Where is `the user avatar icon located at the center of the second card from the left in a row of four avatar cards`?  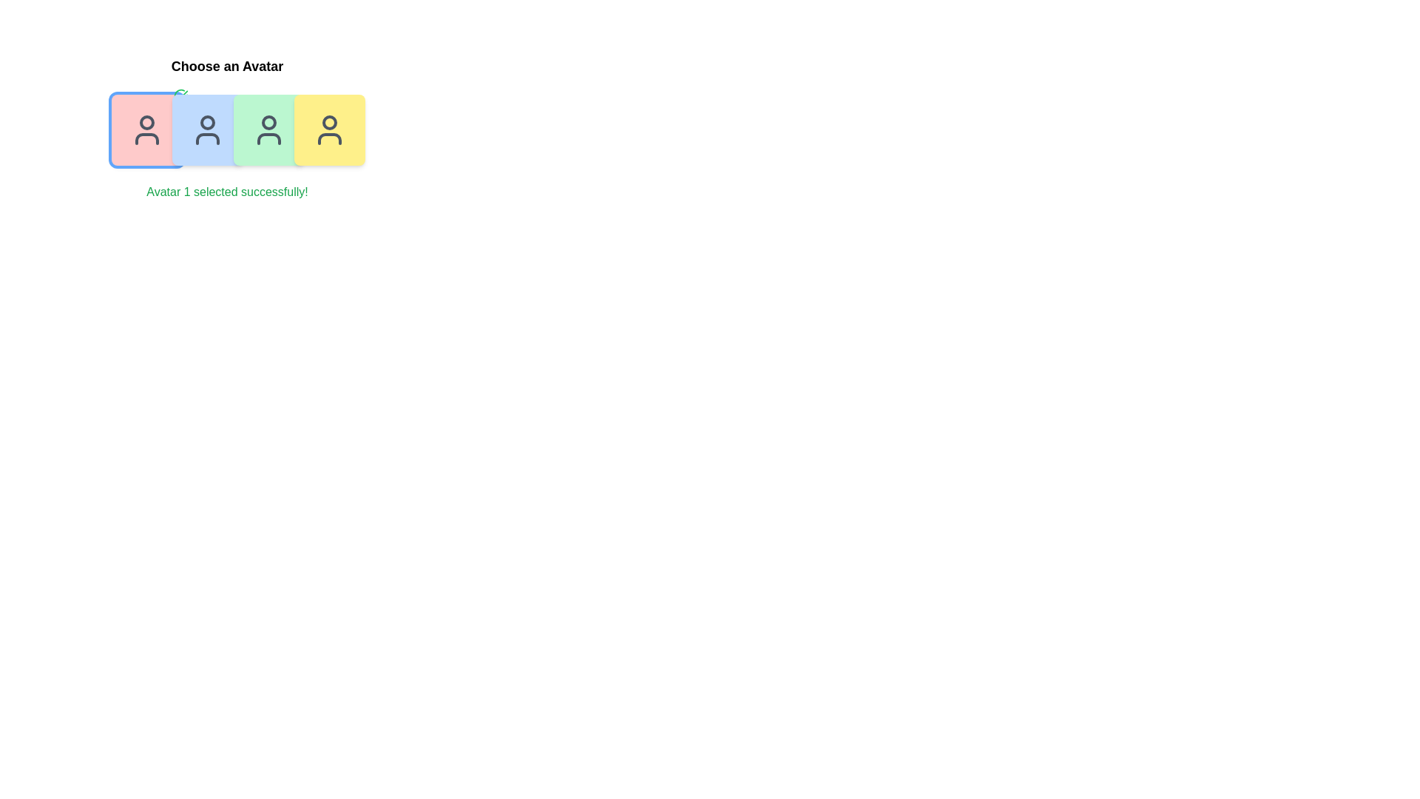
the user avatar icon located at the center of the second card from the left in a row of four avatar cards is located at coordinates (207, 129).